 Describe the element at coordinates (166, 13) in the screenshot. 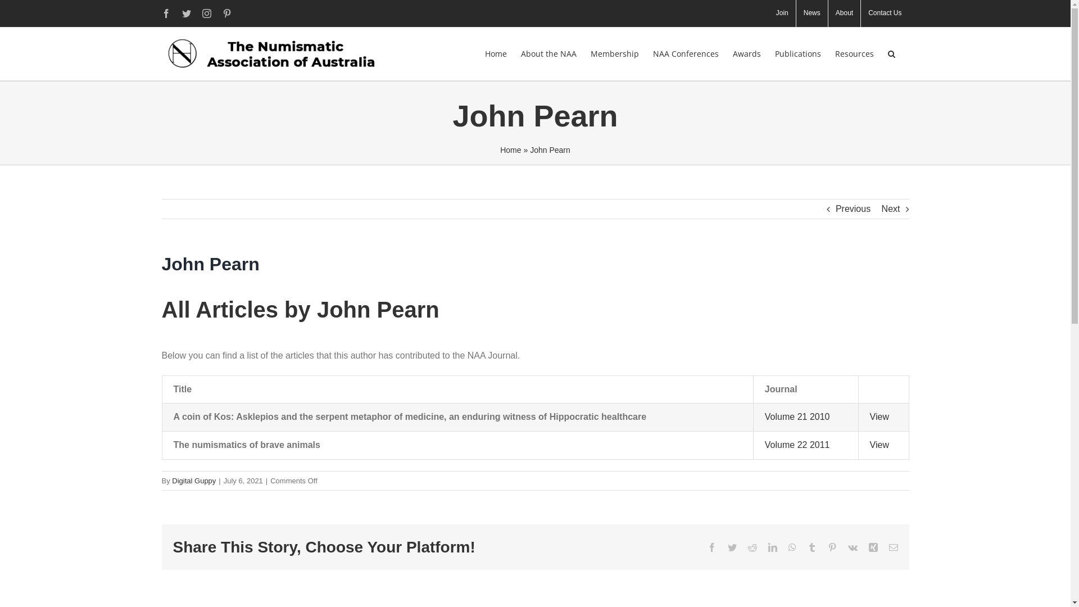

I see `'Facebook'` at that location.